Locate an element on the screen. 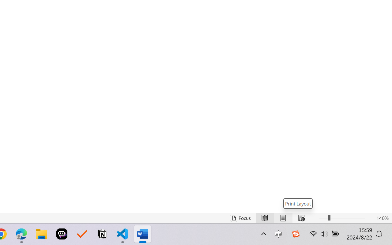 The width and height of the screenshot is (392, 245). 'Decrease Text Size' is located at coordinates (315, 218).